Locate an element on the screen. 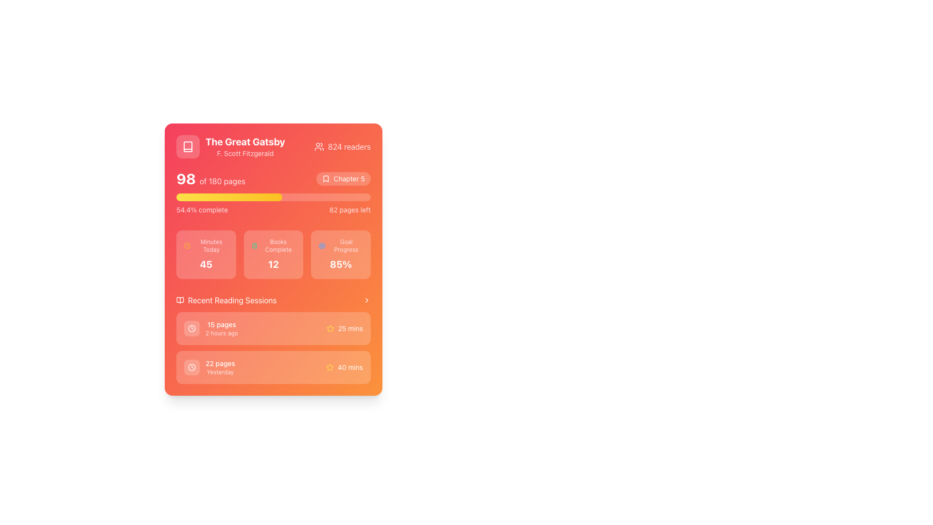 This screenshot has height=525, width=933. the Text label displaying the total number associated with the 'Books Complete' statistic, positioned beneath the descriptive text and adjacent to the green book icon is located at coordinates (273, 264).